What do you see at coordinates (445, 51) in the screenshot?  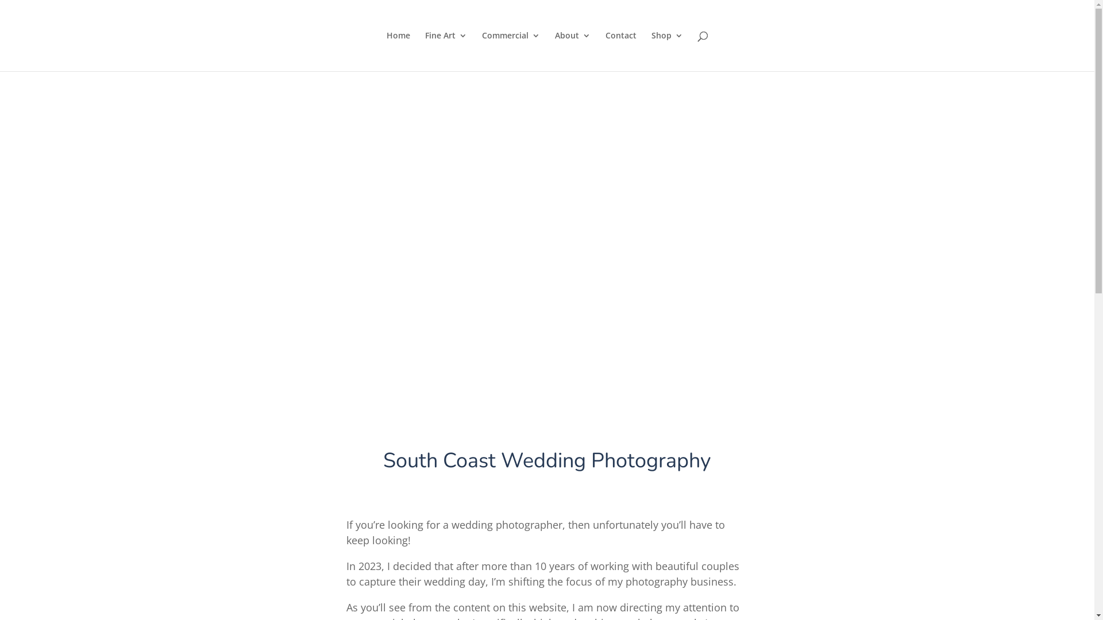 I see `'Fine Art'` at bounding box center [445, 51].